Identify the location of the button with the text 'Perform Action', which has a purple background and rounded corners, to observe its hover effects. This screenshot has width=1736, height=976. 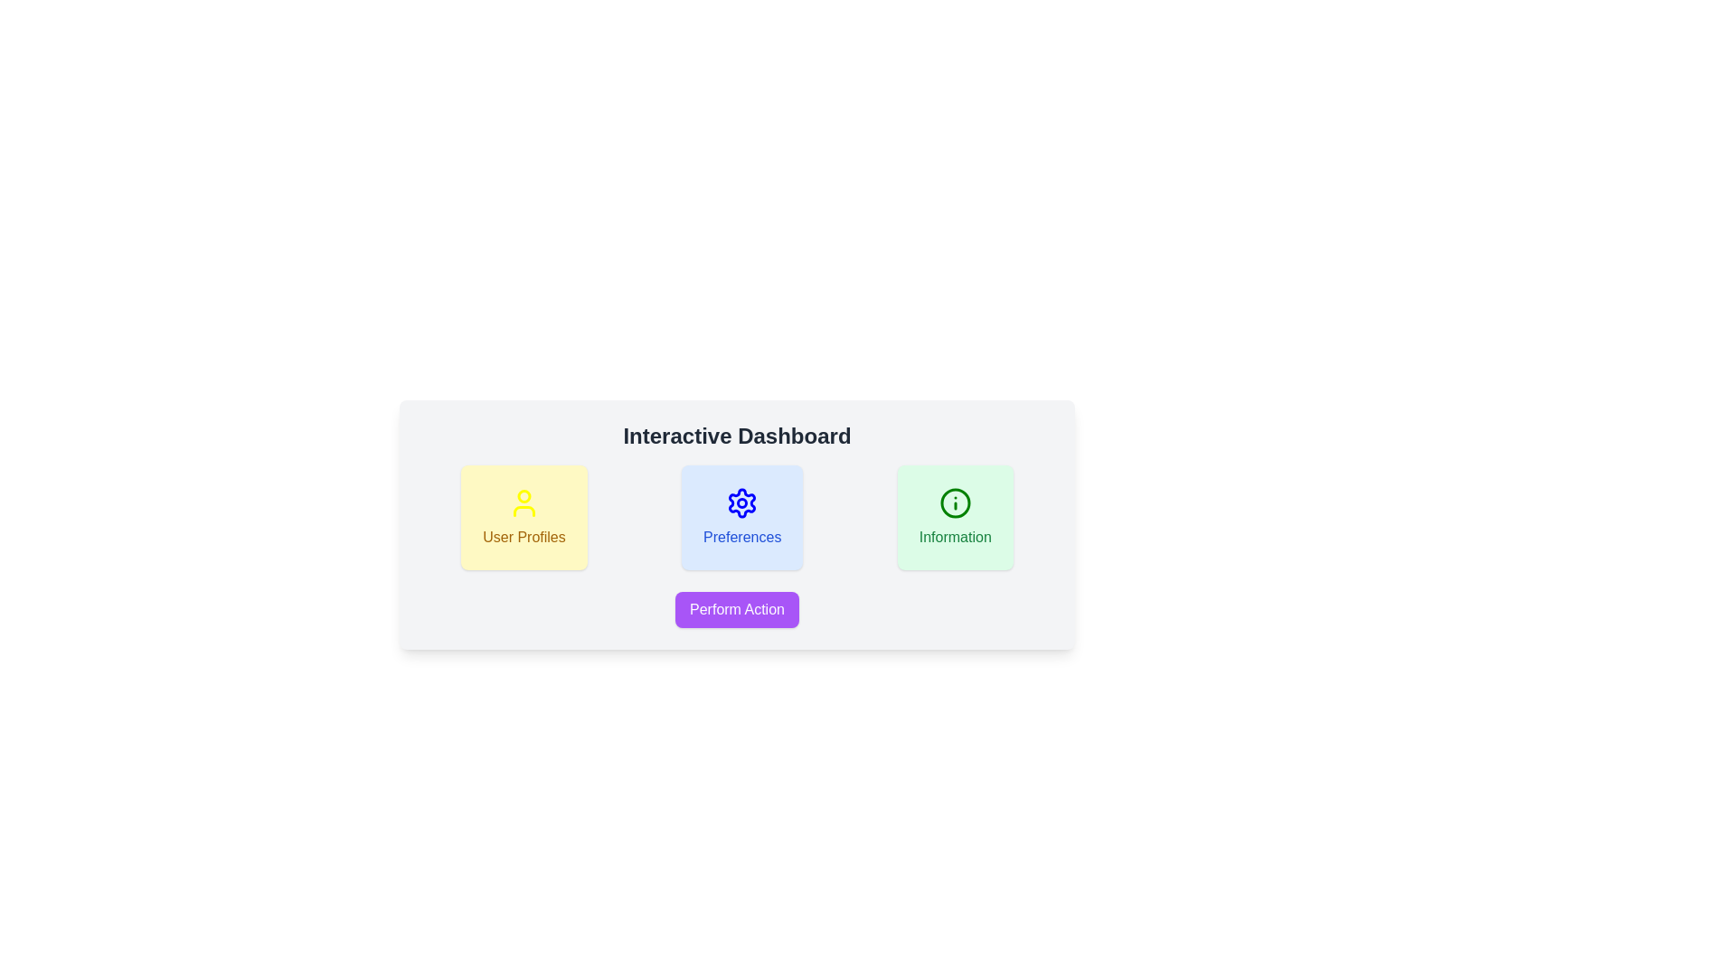
(737, 610).